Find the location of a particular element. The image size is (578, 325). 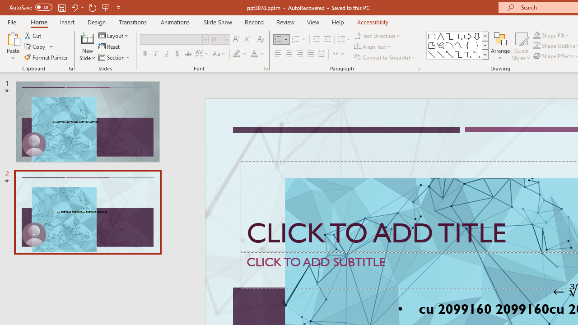

'Transitions' is located at coordinates (133, 22).